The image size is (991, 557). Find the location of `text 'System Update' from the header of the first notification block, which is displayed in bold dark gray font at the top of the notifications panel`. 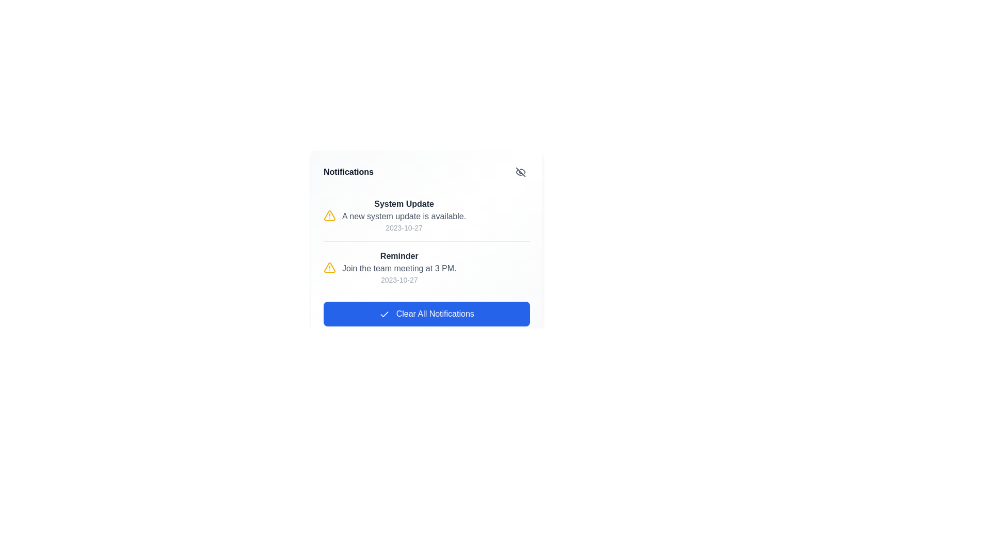

text 'System Update' from the header of the first notification block, which is displayed in bold dark gray font at the top of the notifications panel is located at coordinates (403, 204).